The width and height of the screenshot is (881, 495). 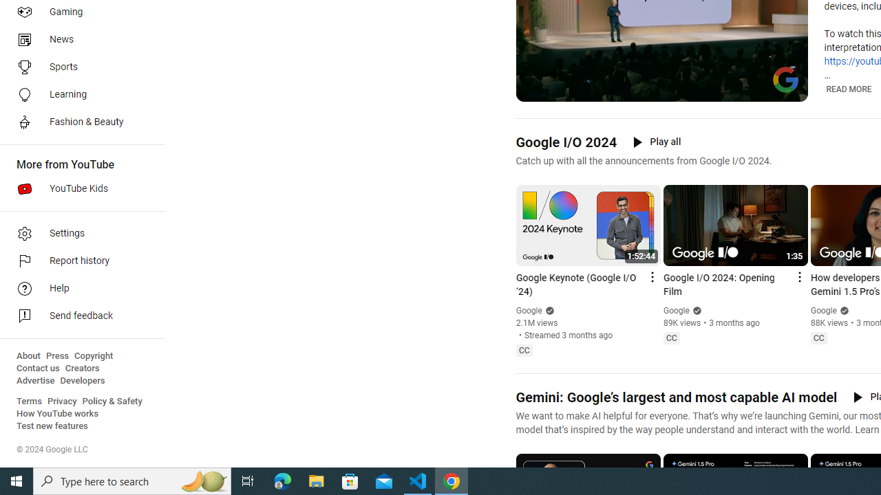 What do you see at coordinates (452, 480) in the screenshot?
I see `'Google Chrome - 1 running window'` at bounding box center [452, 480].